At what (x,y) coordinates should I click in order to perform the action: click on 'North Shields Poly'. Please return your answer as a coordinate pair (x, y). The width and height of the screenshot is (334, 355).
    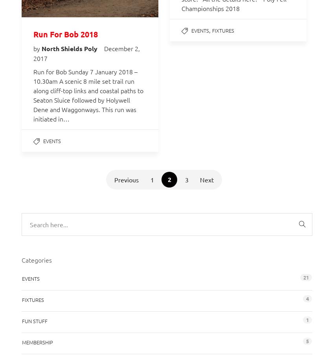
    Looking at the image, I should click on (70, 48).